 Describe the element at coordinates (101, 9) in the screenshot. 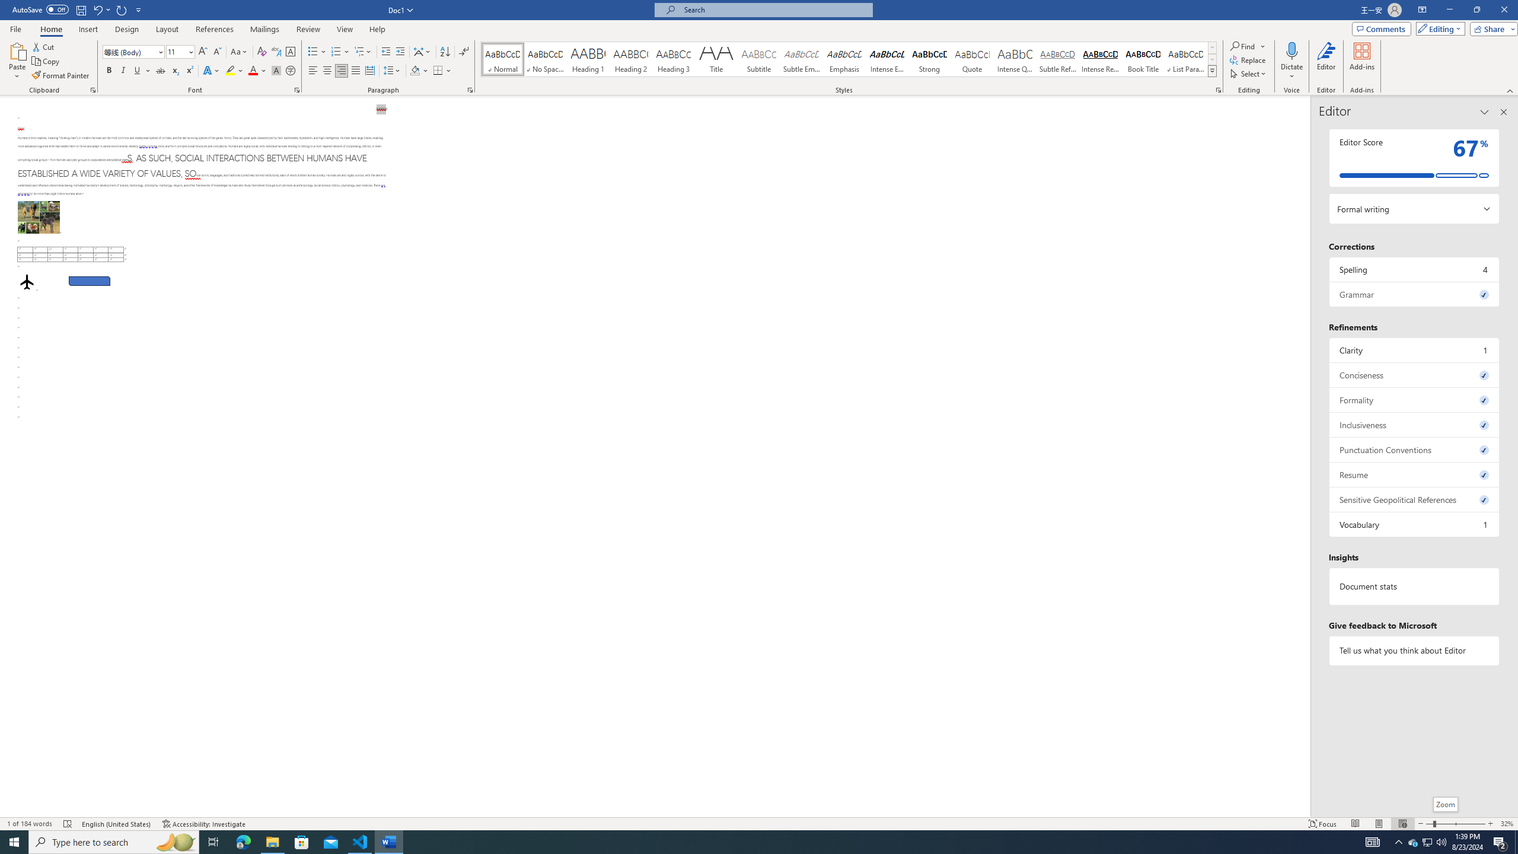

I see `'Undo Paragraph Alignment'` at that location.